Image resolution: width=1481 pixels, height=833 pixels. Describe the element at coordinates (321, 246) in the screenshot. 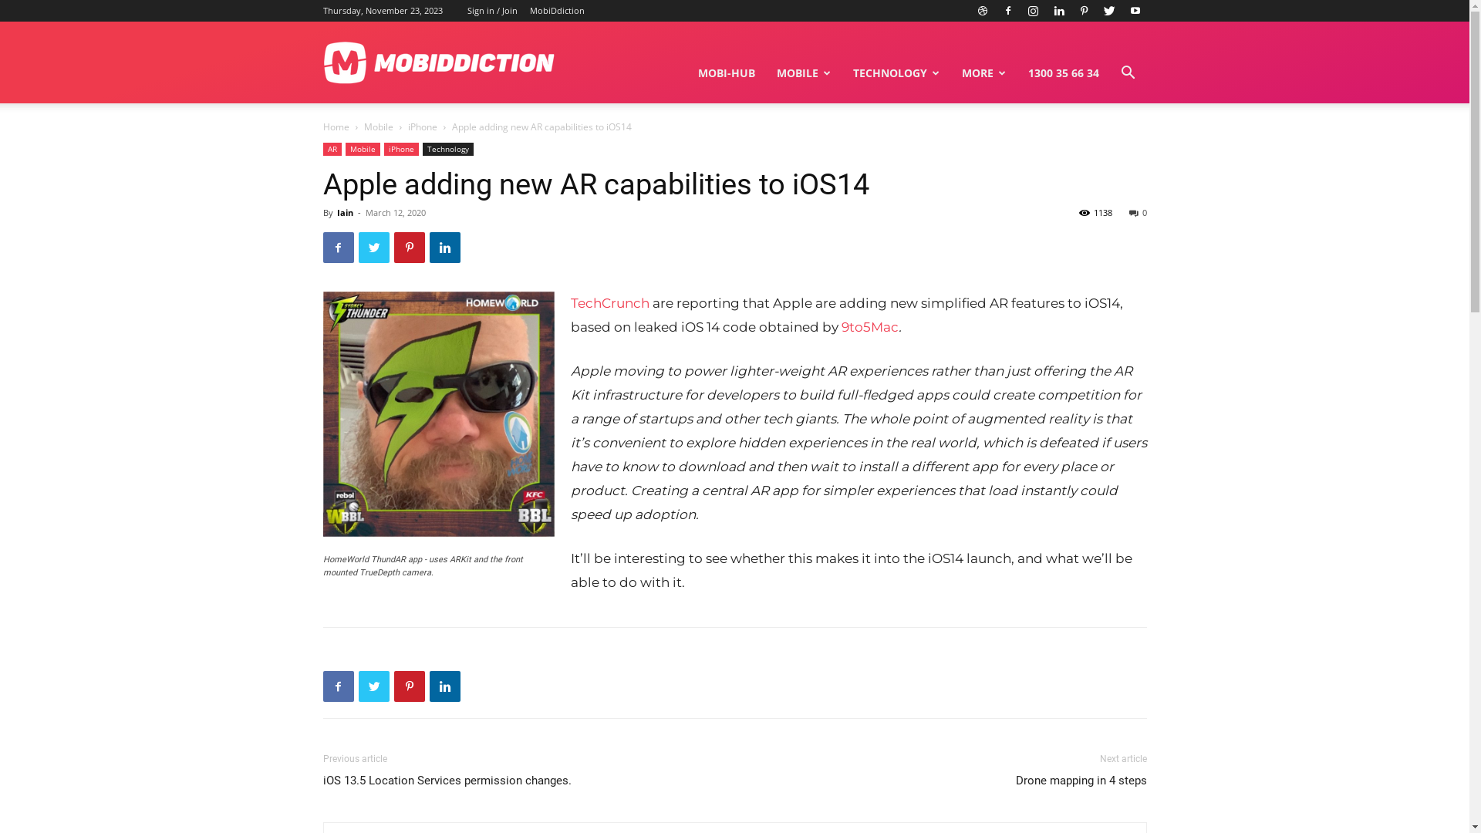

I see `'Facebook'` at that location.